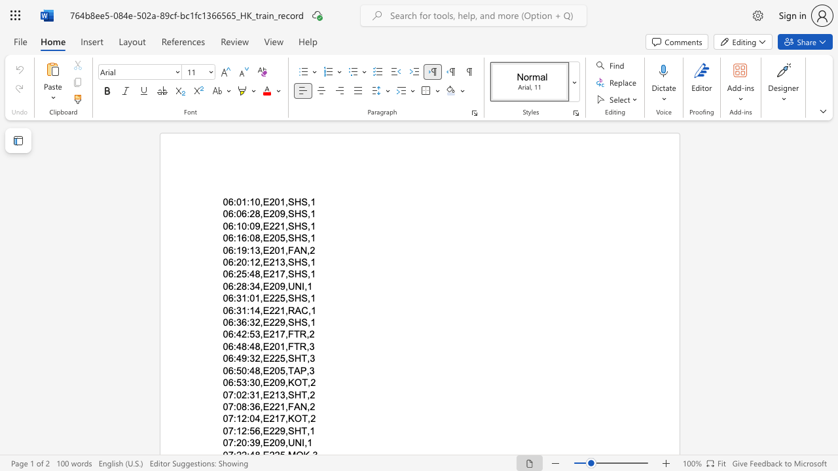 The height and width of the screenshot is (471, 838). Describe the element at coordinates (260, 394) in the screenshot. I see `the subset text ",E213,S" within the text "07:02:31,E213,SHT,2"` at that location.